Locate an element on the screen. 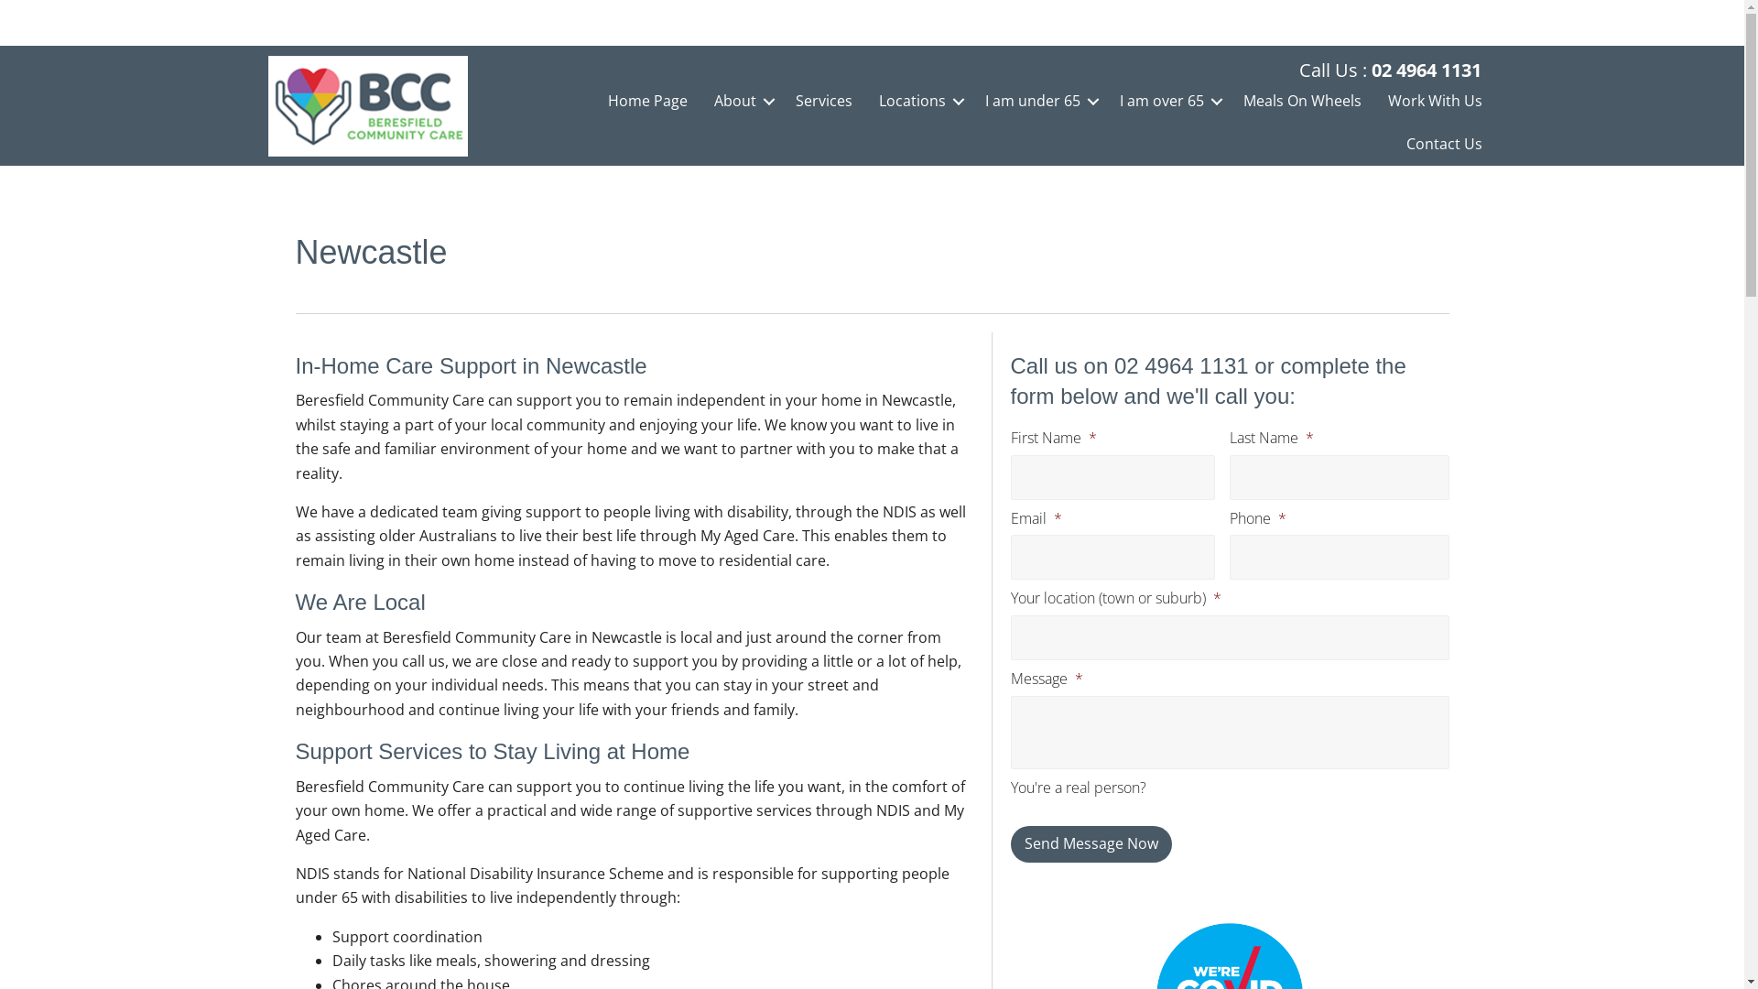 The image size is (1758, 989). 'About' is located at coordinates (742, 101).